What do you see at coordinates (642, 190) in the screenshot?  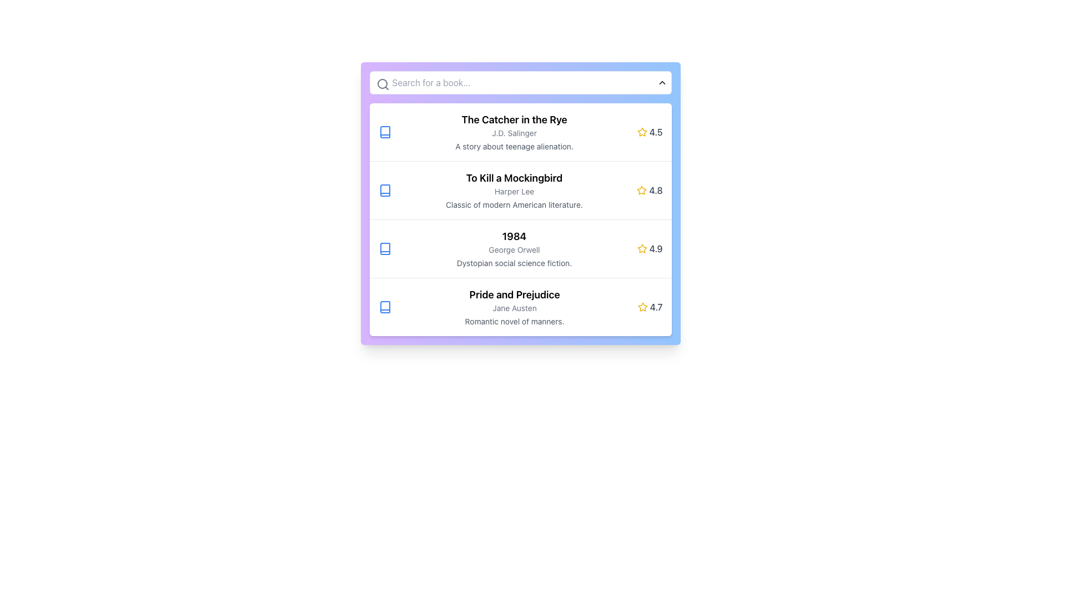 I see `the Star rating icon located next to the numeric rating value '4.8' in the second entry of the book listing` at bounding box center [642, 190].